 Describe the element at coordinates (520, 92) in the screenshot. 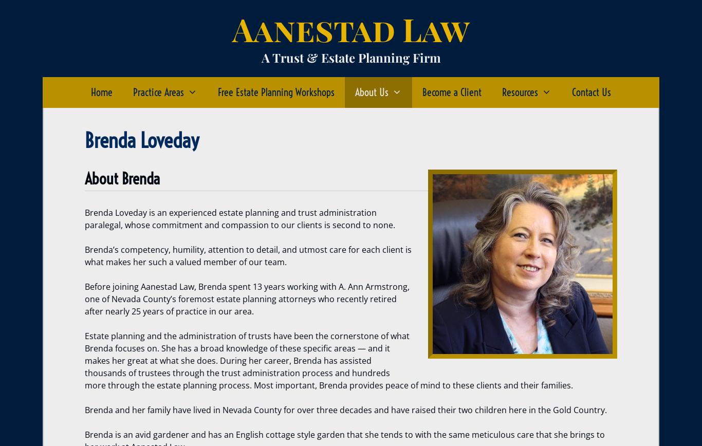

I see `'Resources'` at that location.